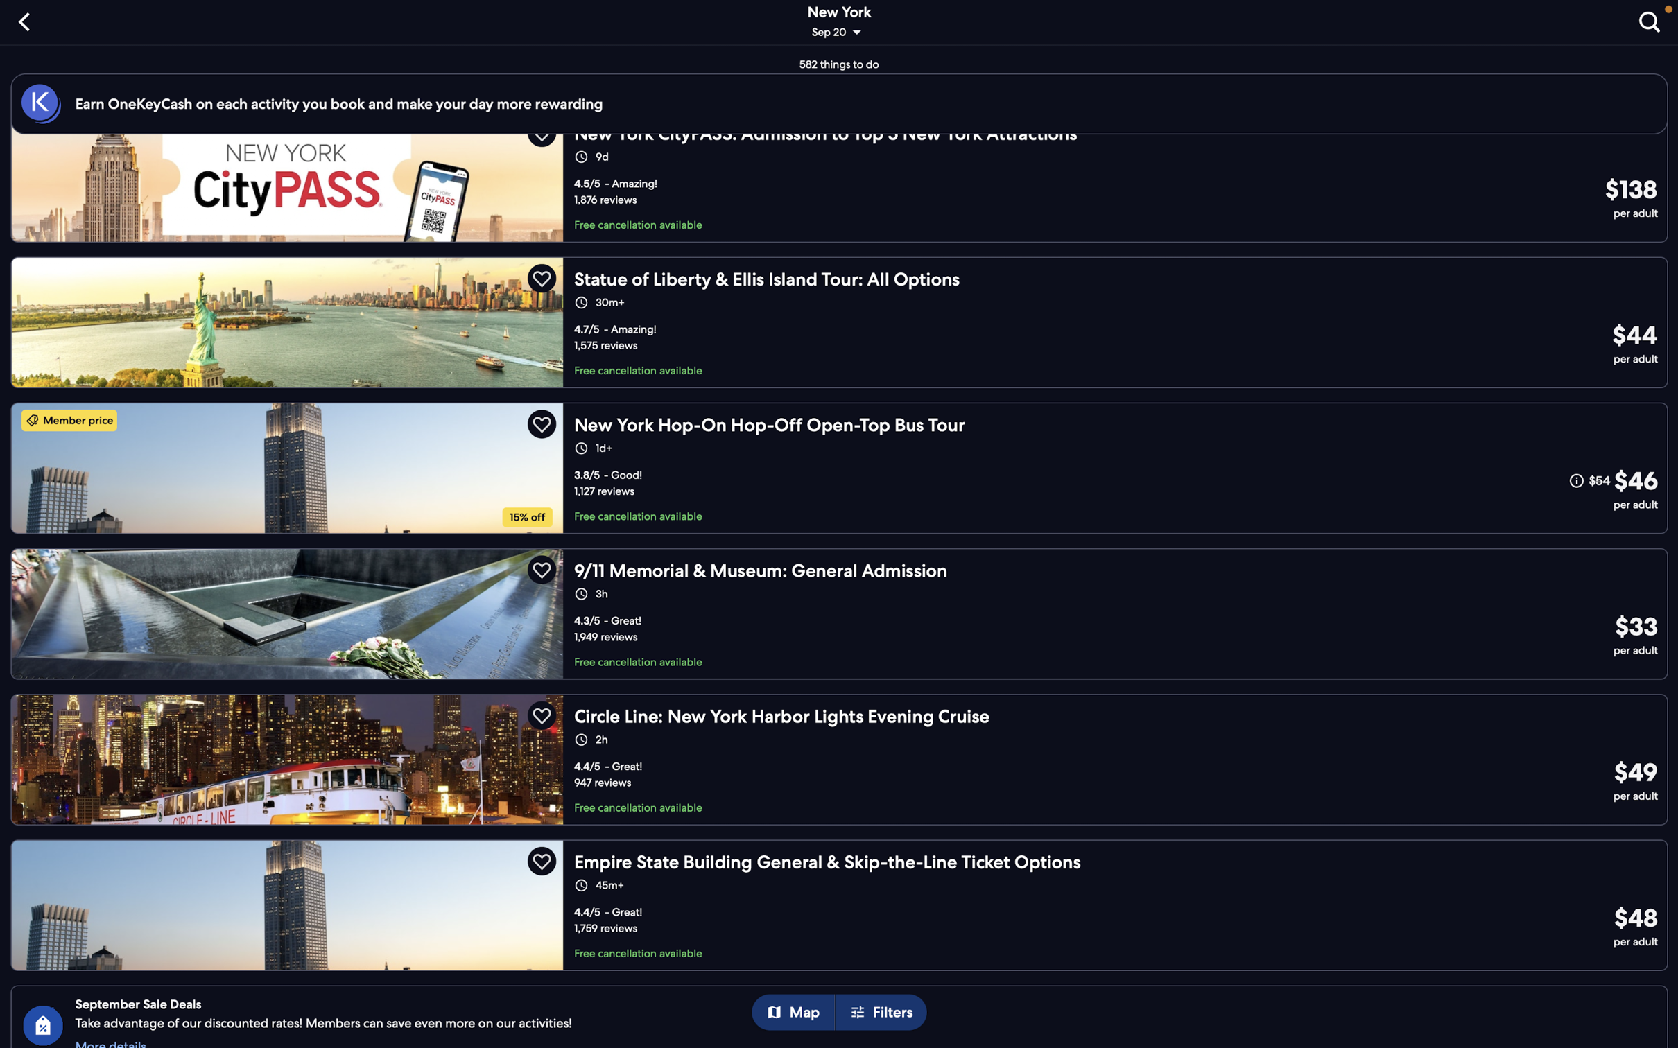 The height and width of the screenshot is (1048, 1678). What do you see at coordinates (844, 901) in the screenshot?
I see `the option that reads "empire state building" to add it to your travel plan` at bounding box center [844, 901].